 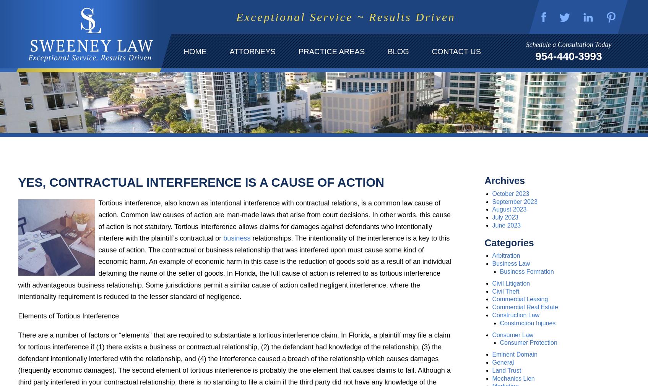 What do you see at coordinates (510, 193) in the screenshot?
I see `'October 2023'` at bounding box center [510, 193].